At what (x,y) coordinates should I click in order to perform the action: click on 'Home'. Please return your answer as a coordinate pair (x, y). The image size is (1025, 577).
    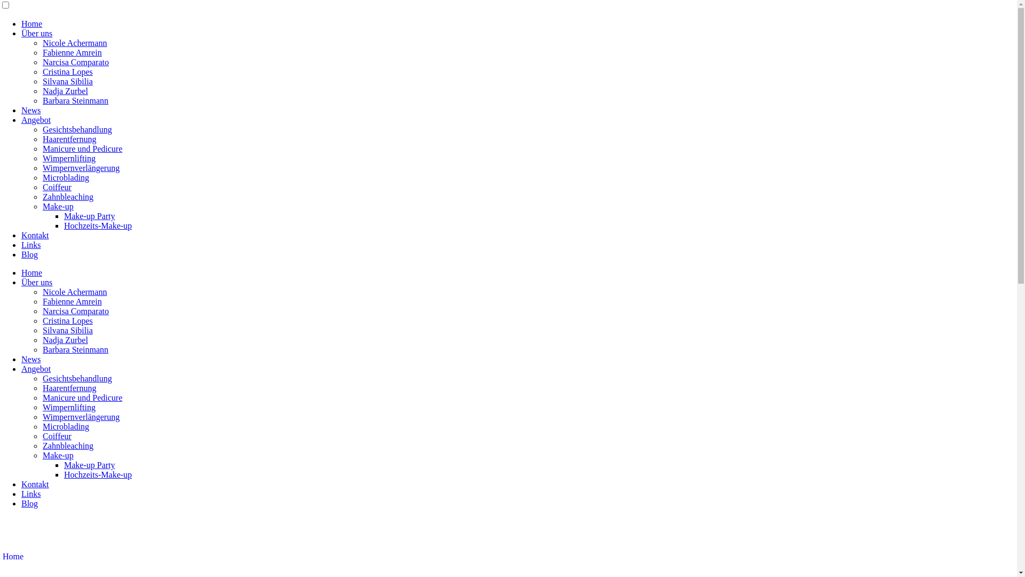
    Looking at the image, I should click on (13, 556).